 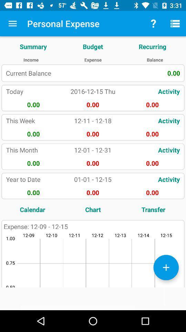 I want to click on icon above the recurring icon, so click(x=175, y=24).